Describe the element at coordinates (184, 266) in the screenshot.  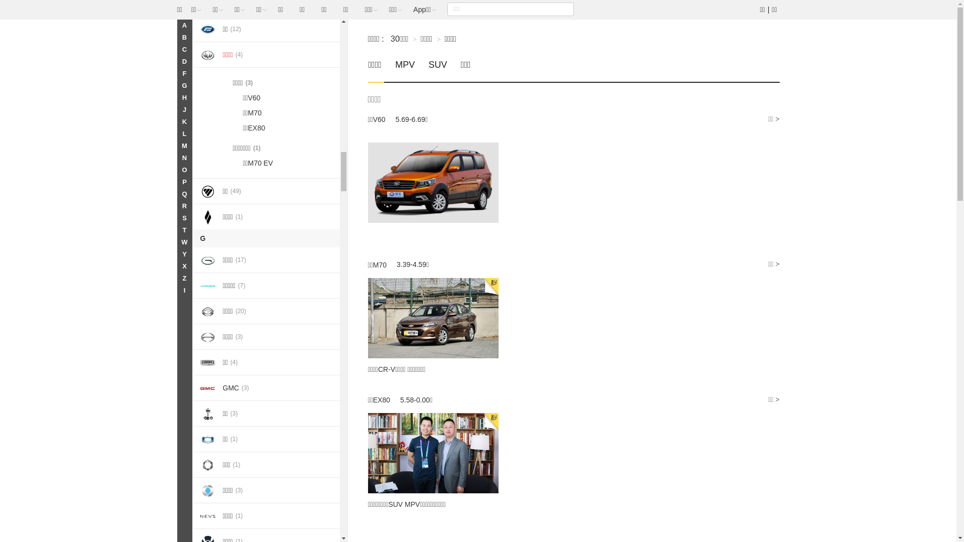
I see `'X'` at that location.